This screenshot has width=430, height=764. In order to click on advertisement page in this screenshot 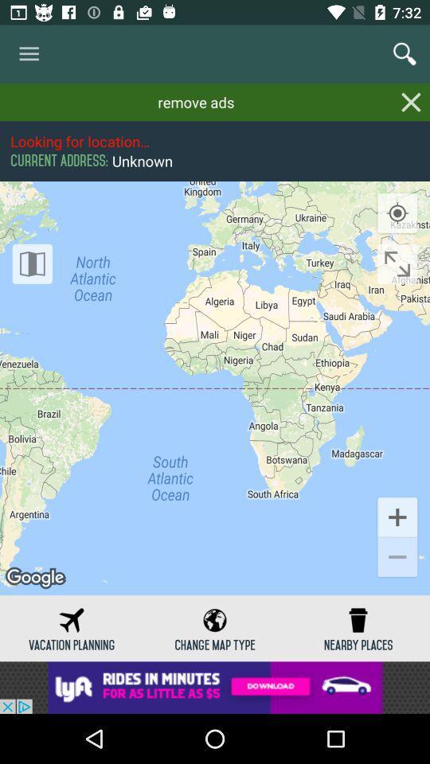, I will do `click(215, 687)`.